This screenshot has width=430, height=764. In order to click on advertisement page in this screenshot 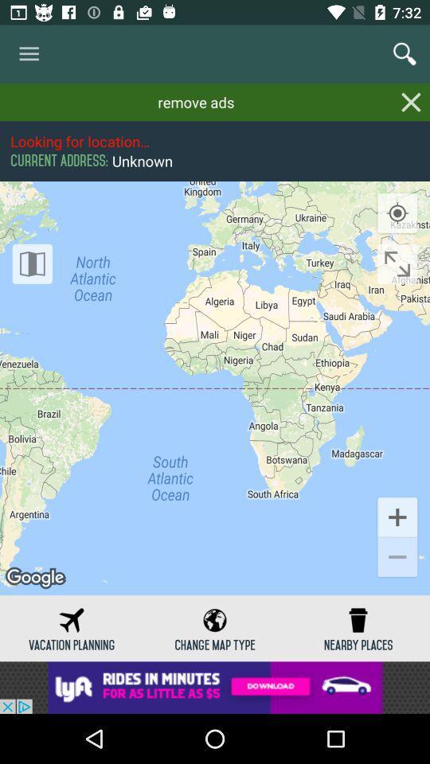, I will do `click(215, 687)`.